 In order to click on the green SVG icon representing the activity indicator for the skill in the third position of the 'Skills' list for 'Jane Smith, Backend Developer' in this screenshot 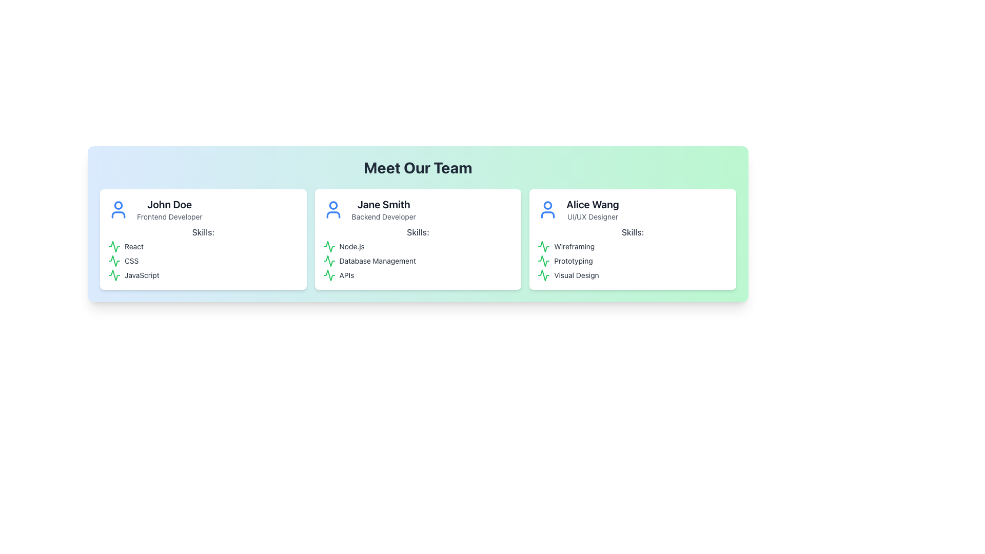, I will do `click(329, 274)`.